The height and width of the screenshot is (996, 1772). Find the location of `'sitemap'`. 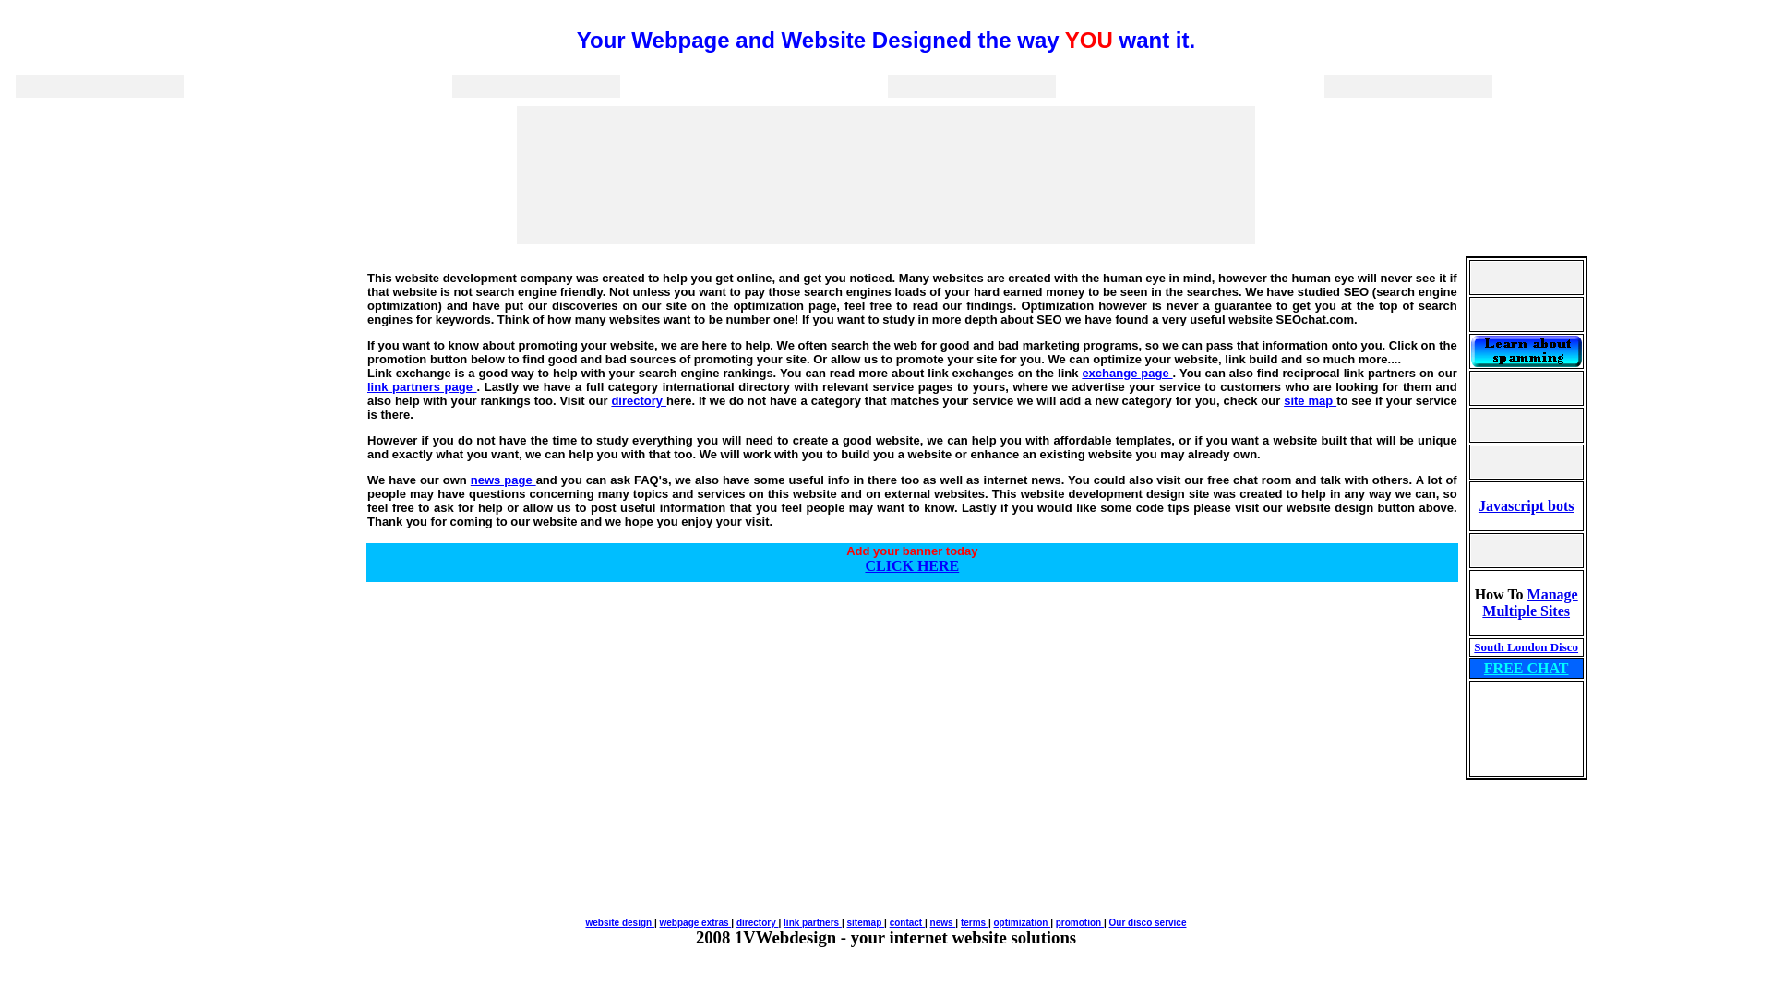

'sitemap' is located at coordinates (864, 922).